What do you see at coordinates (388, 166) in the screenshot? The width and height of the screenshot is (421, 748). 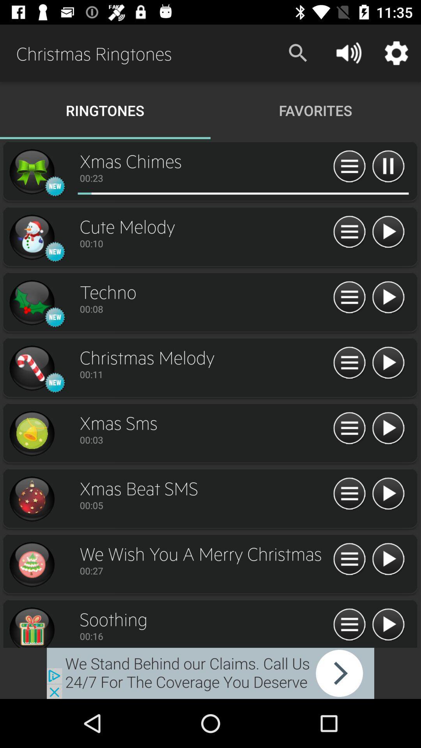 I see `pause` at bounding box center [388, 166].